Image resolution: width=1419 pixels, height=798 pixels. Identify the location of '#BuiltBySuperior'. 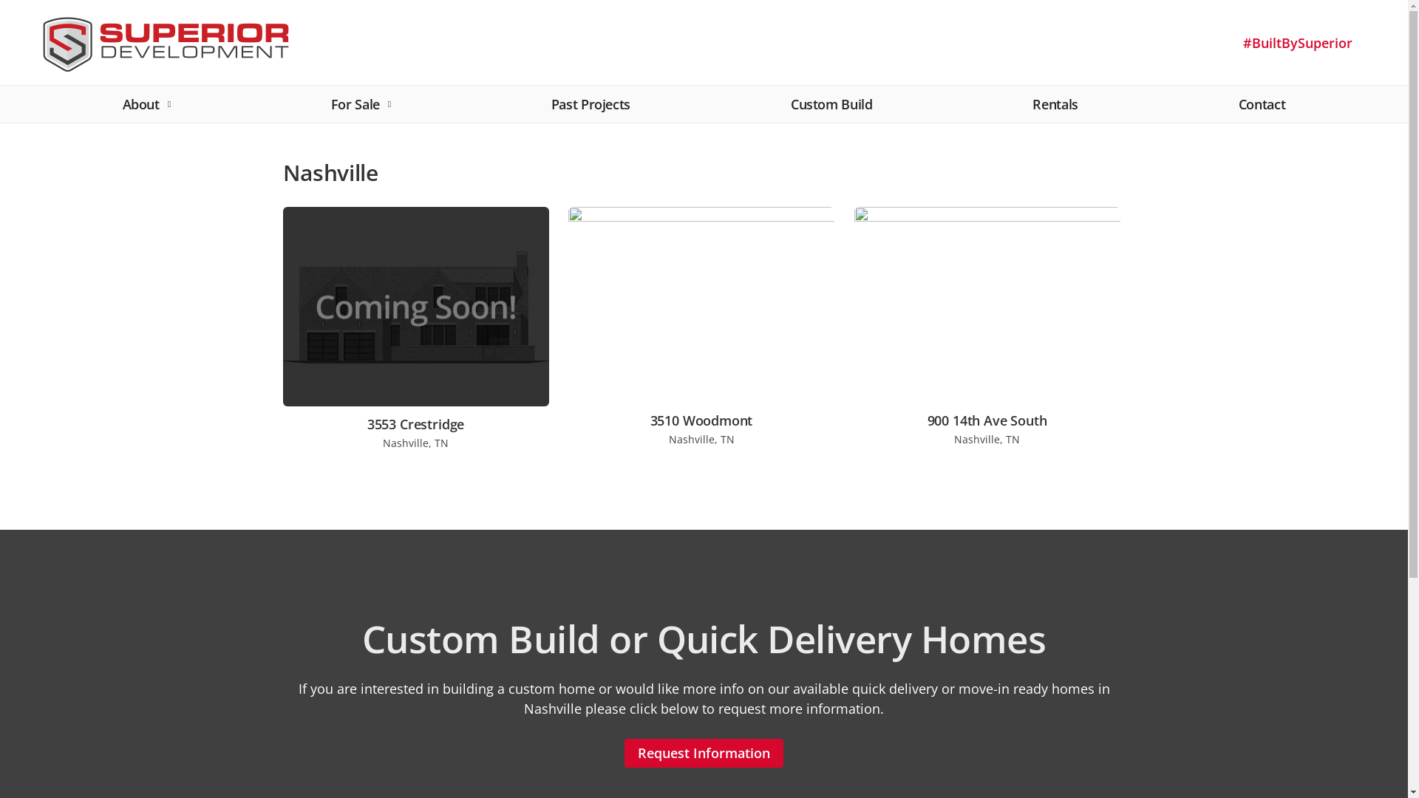
(1297, 41).